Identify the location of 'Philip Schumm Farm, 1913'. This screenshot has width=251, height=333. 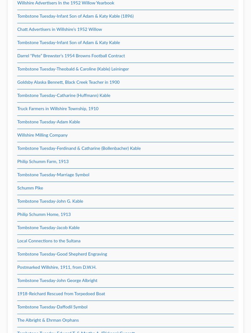
(43, 161).